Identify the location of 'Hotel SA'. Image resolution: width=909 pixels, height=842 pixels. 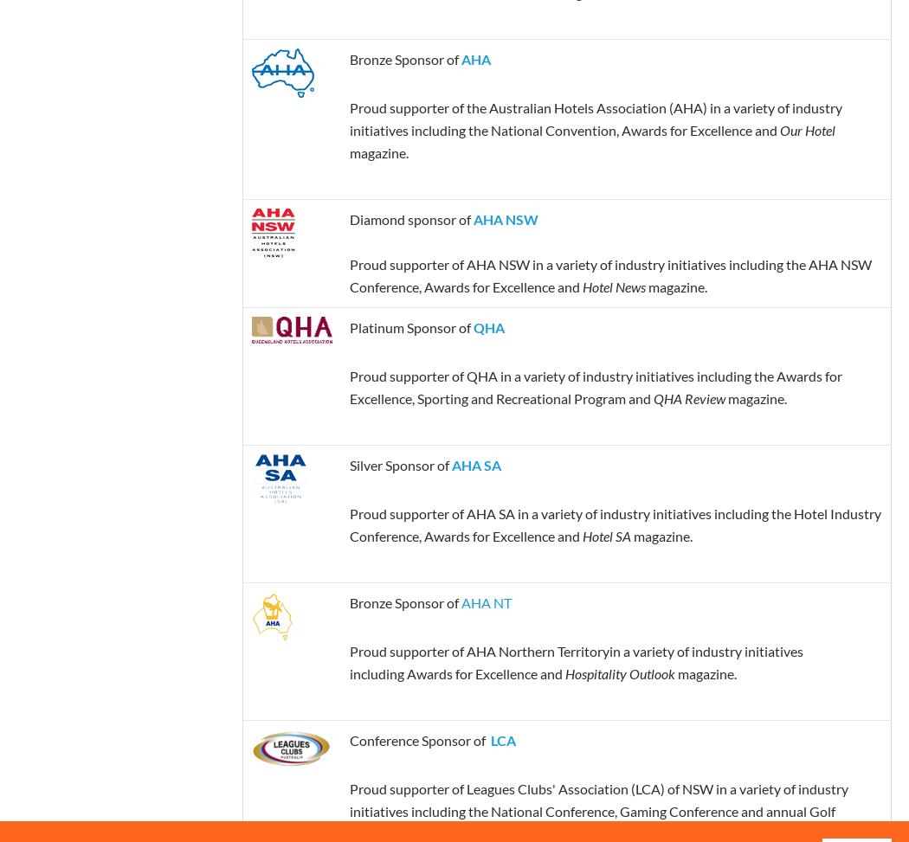
(606, 535).